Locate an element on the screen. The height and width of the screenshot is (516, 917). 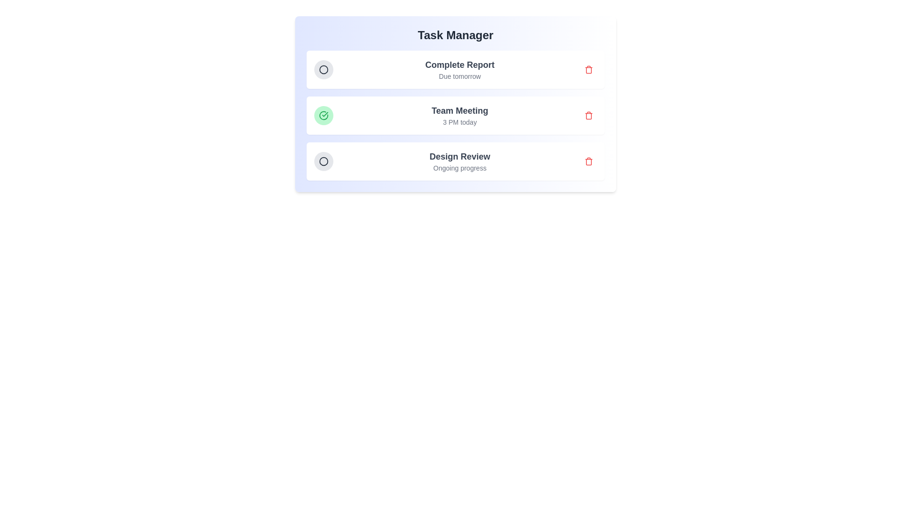
the task entry titled 'Team Meeting' in the task list to potentially reveal additional details is located at coordinates (455, 115).